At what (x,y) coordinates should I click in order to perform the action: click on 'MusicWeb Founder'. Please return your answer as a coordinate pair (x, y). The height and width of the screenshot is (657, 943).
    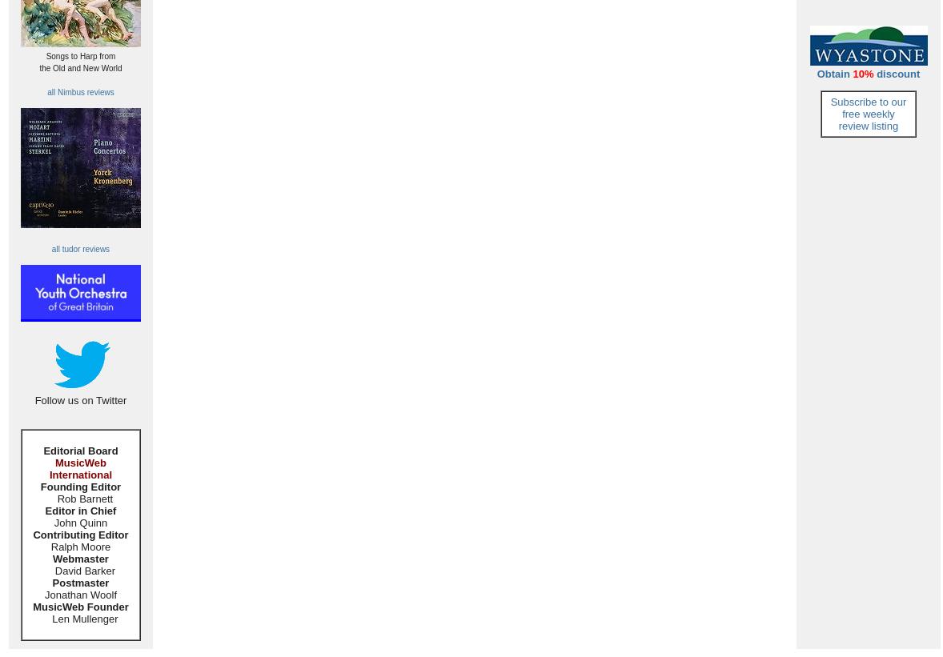
    Looking at the image, I should click on (79, 605).